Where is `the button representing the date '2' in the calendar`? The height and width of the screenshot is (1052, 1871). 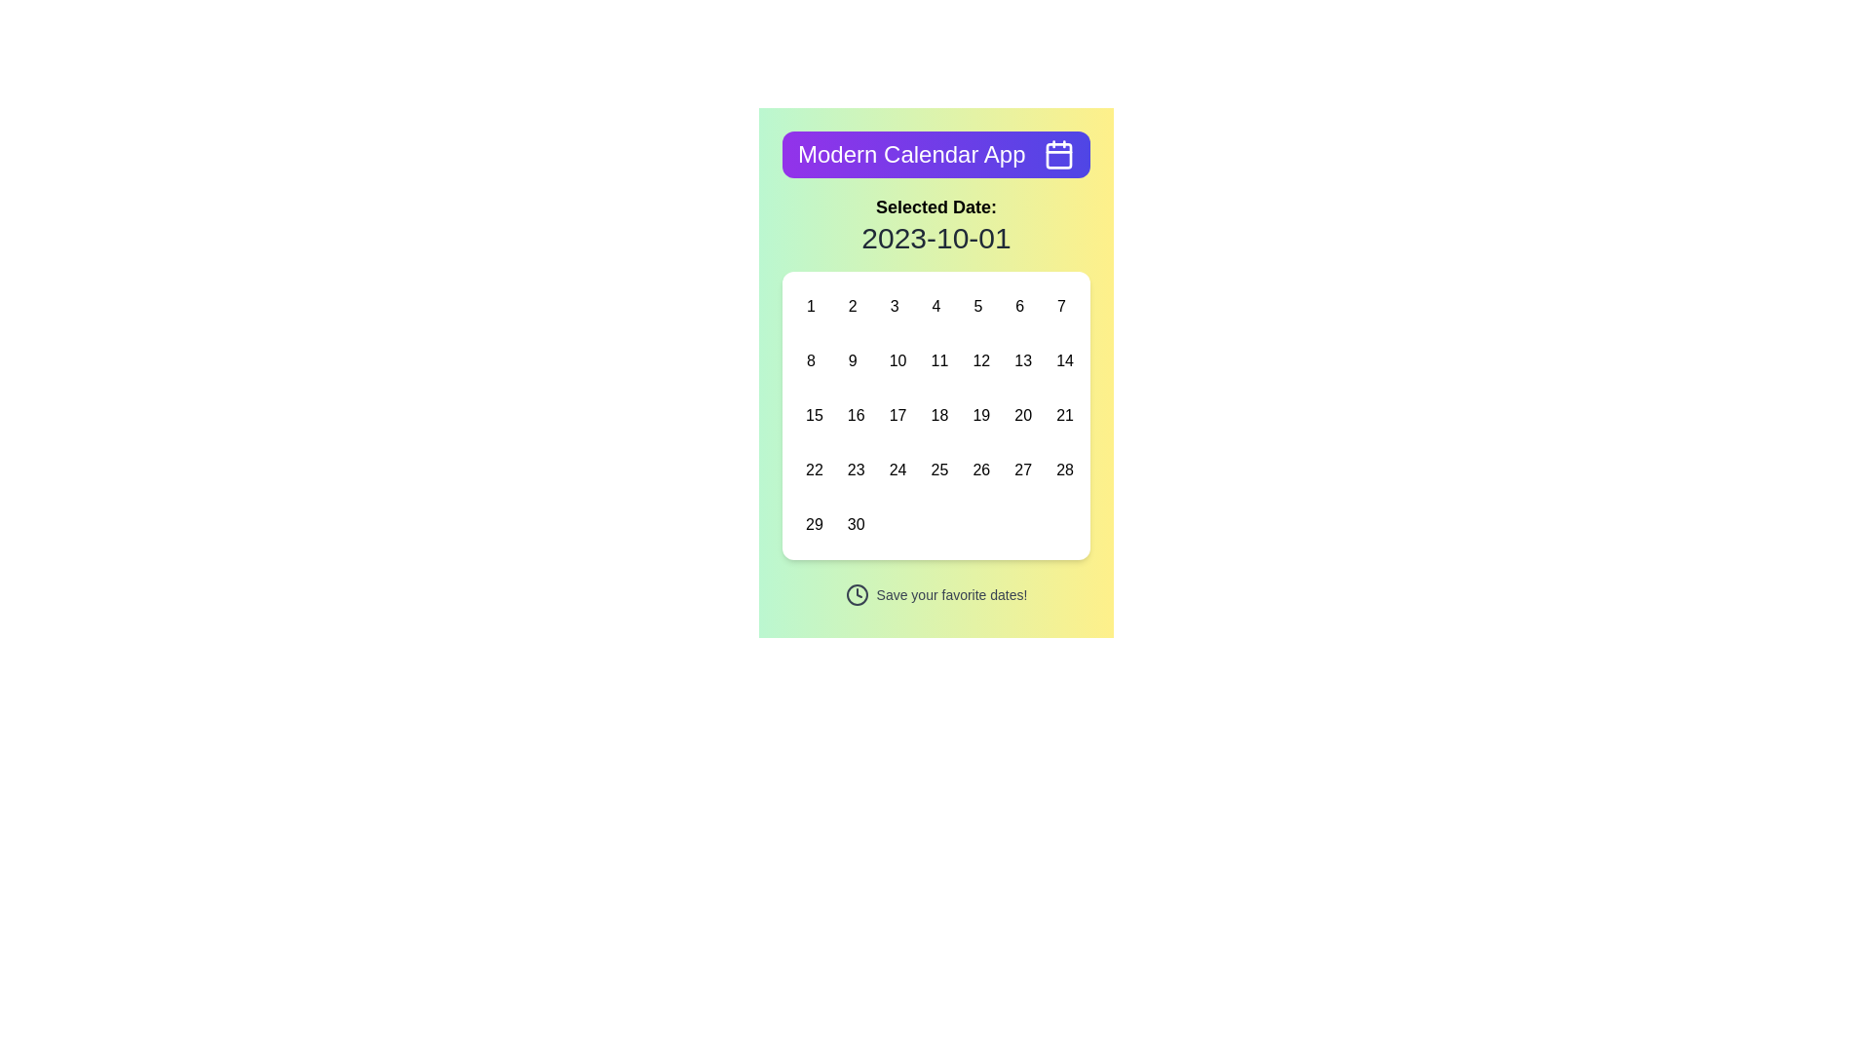 the button representing the date '2' in the calendar is located at coordinates (853, 307).